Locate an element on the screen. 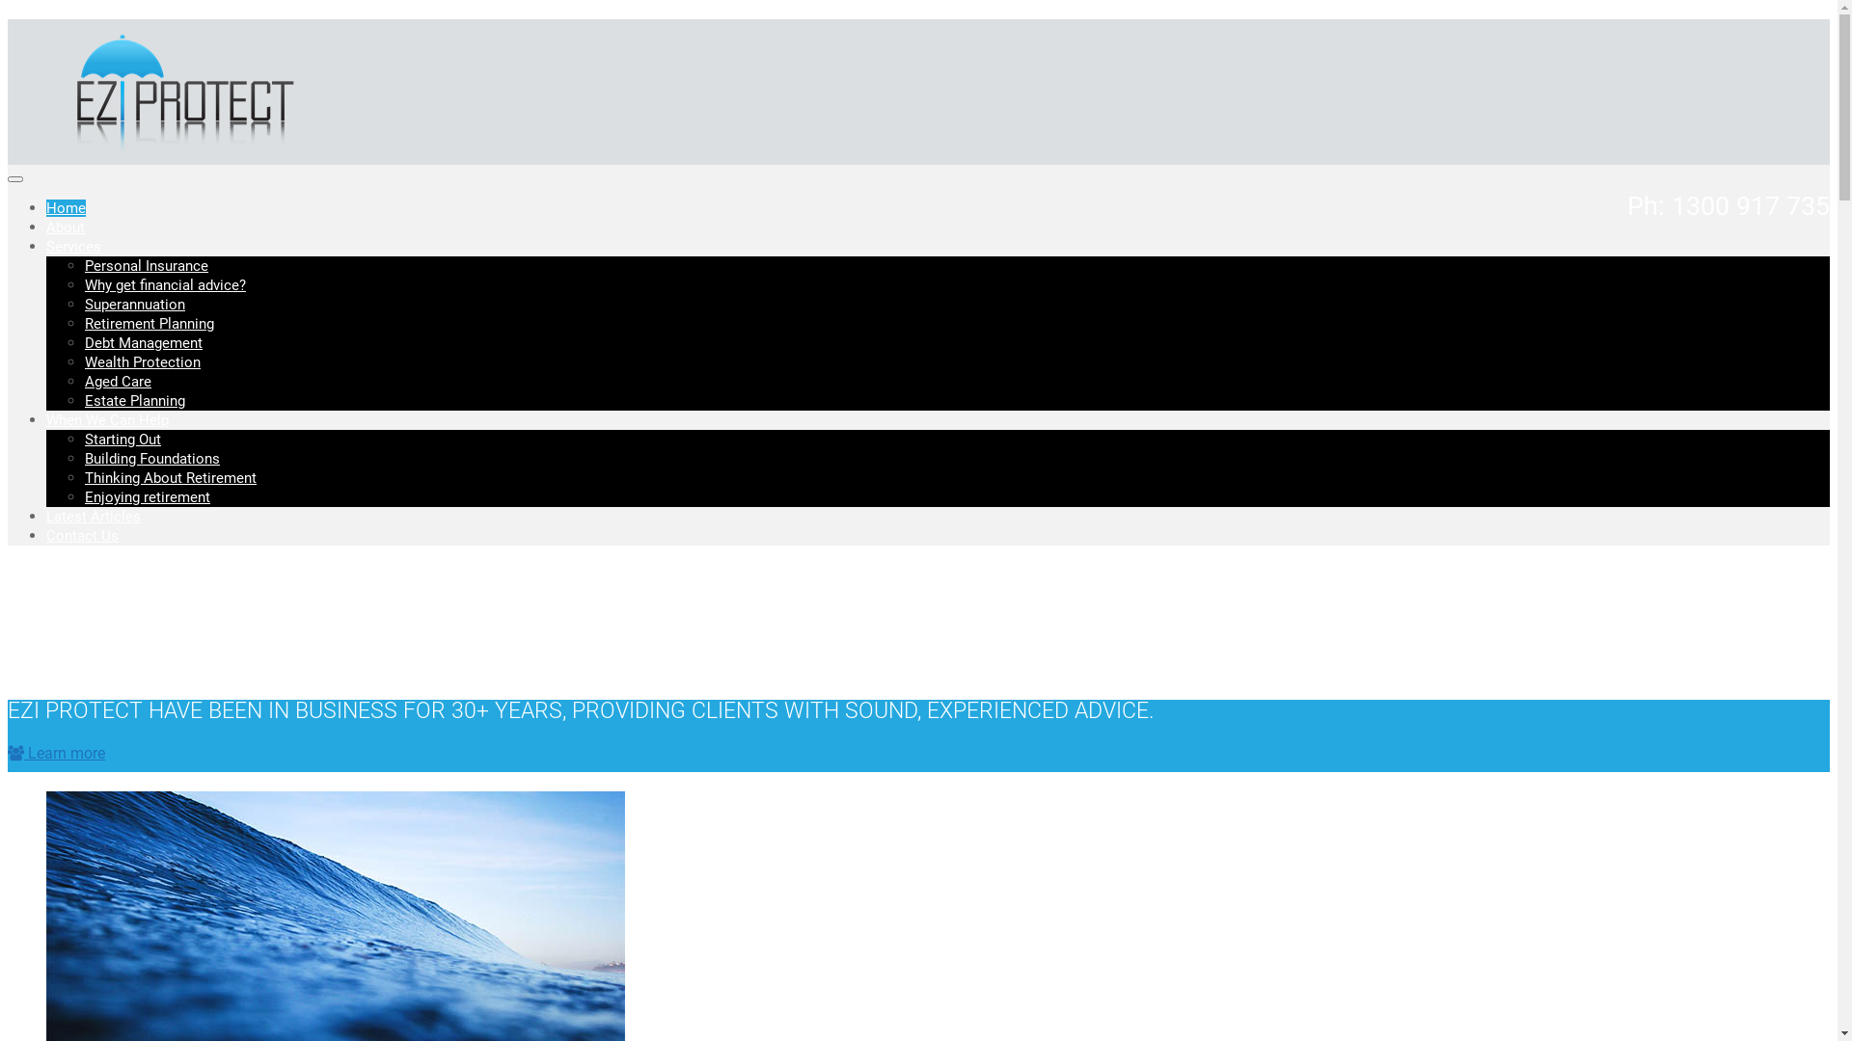 Image resolution: width=1852 pixels, height=1041 pixels. 'Building Foundations' is located at coordinates (151, 458).